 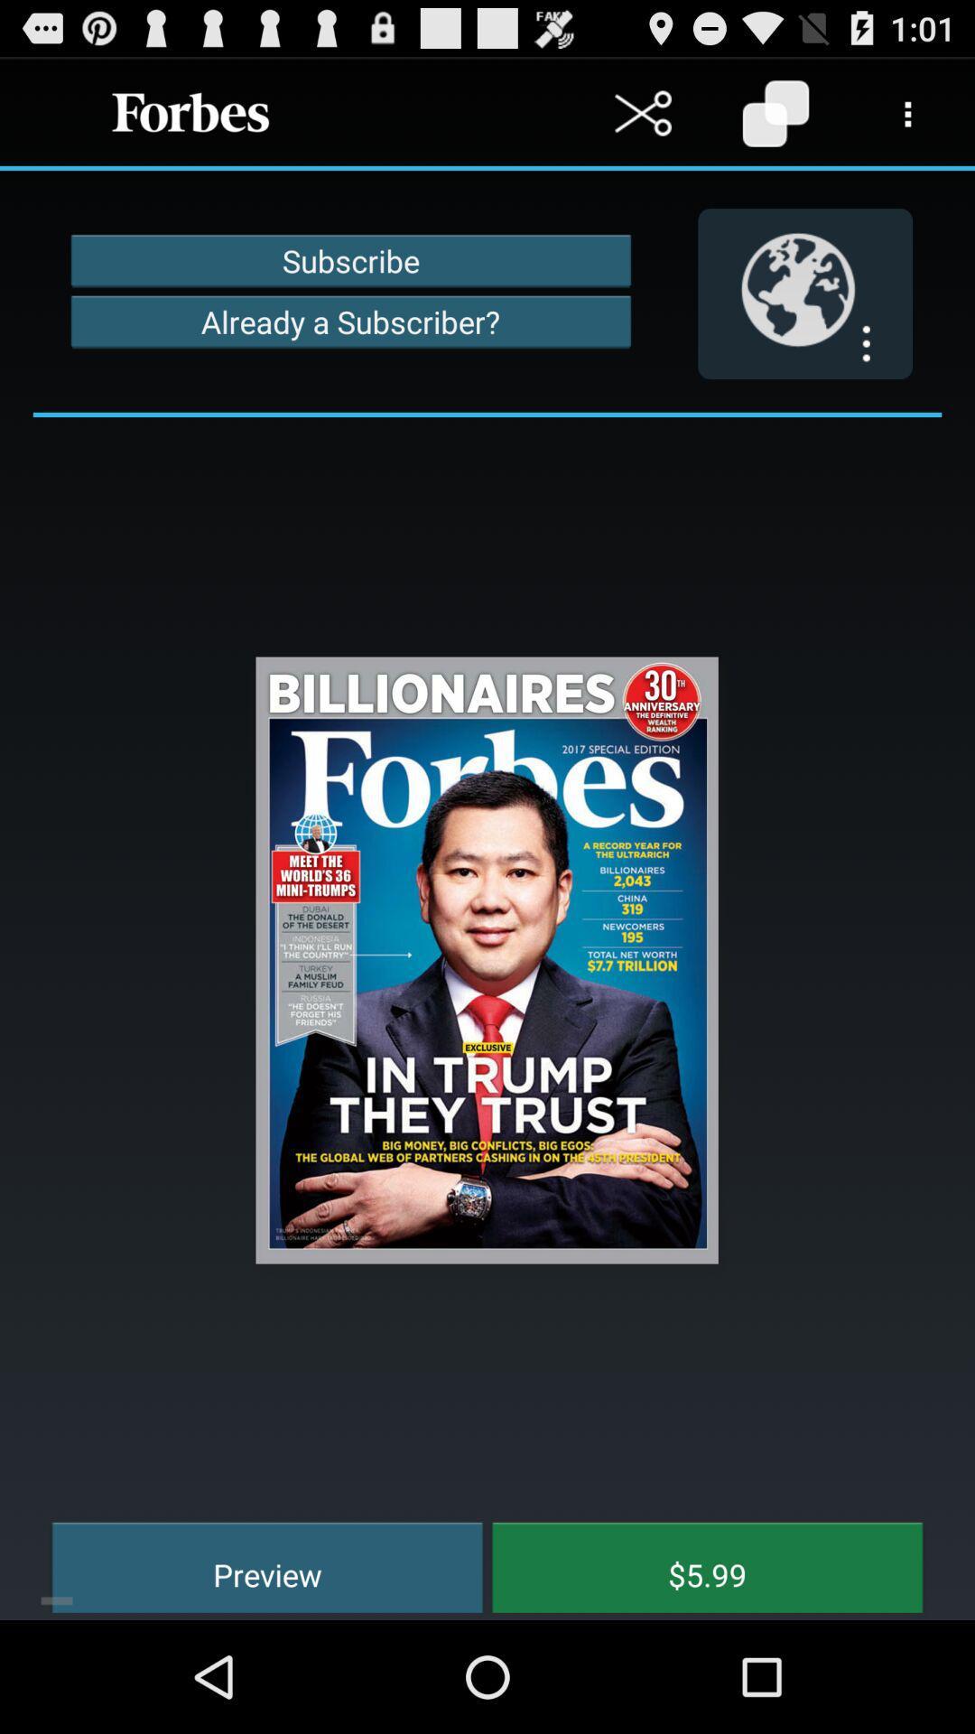 I want to click on item to the left of the $5.99, so click(x=254, y=1564).